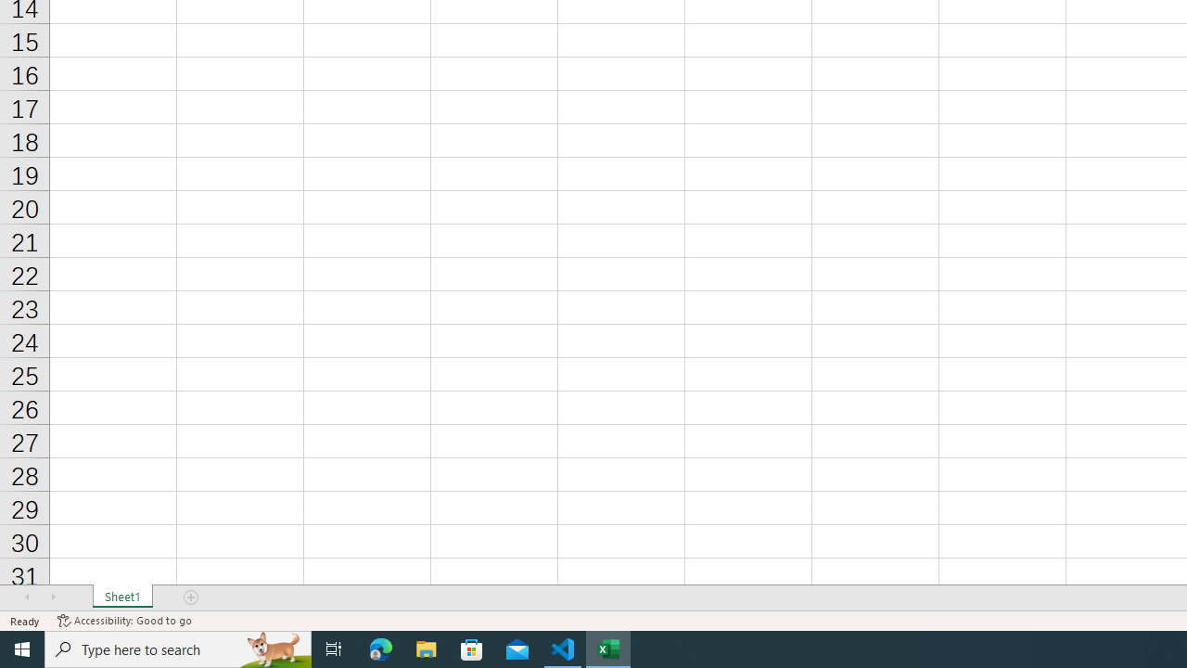  I want to click on 'Add Sheet', so click(192, 597).